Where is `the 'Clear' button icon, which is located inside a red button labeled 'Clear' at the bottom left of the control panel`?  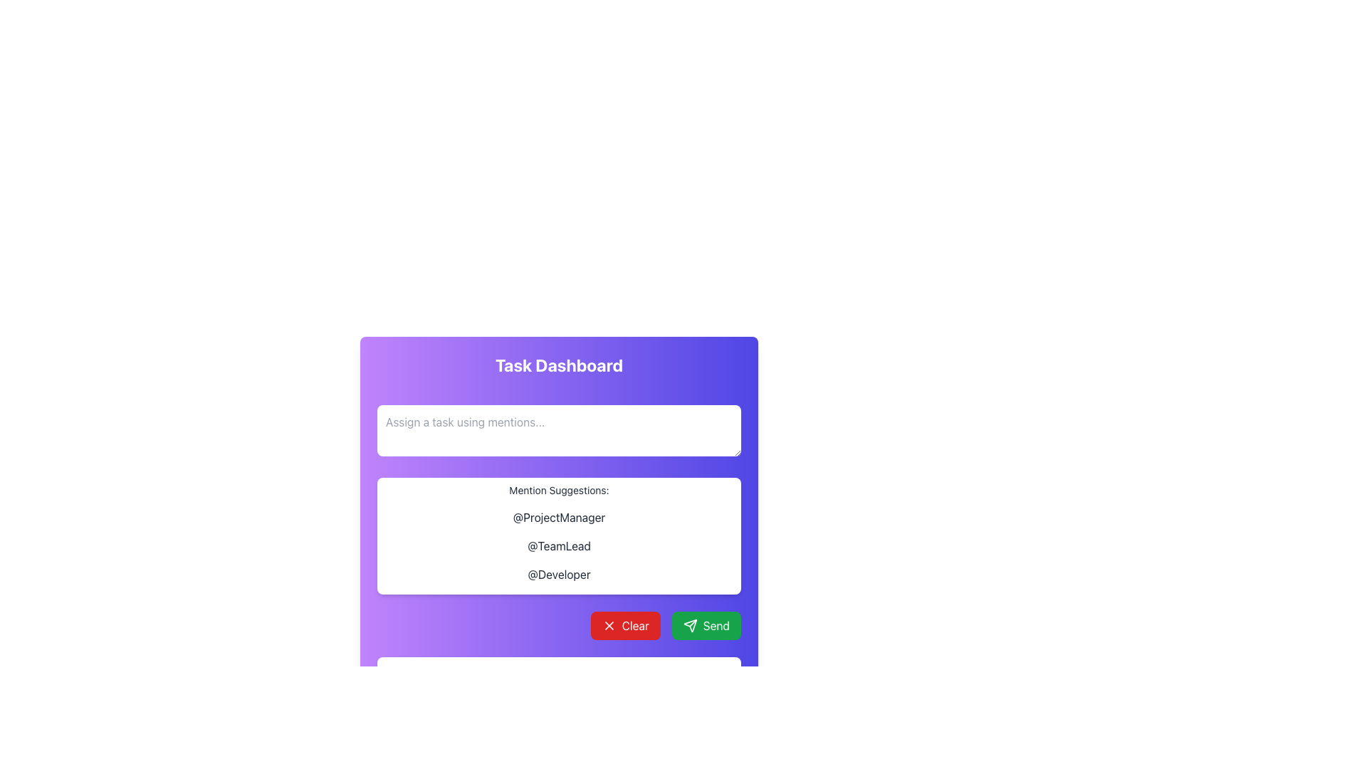
the 'Clear' button icon, which is located inside a red button labeled 'Clear' at the bottom left of the control panel is located at coordinates (609, 625).